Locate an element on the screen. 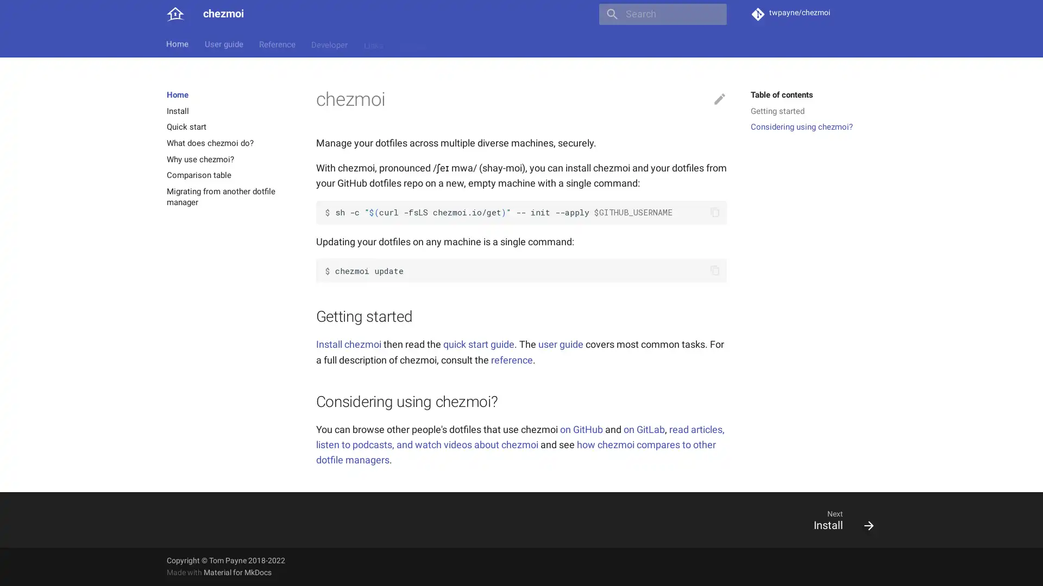  Copy to clipboard is located at coordinates (714, 212).